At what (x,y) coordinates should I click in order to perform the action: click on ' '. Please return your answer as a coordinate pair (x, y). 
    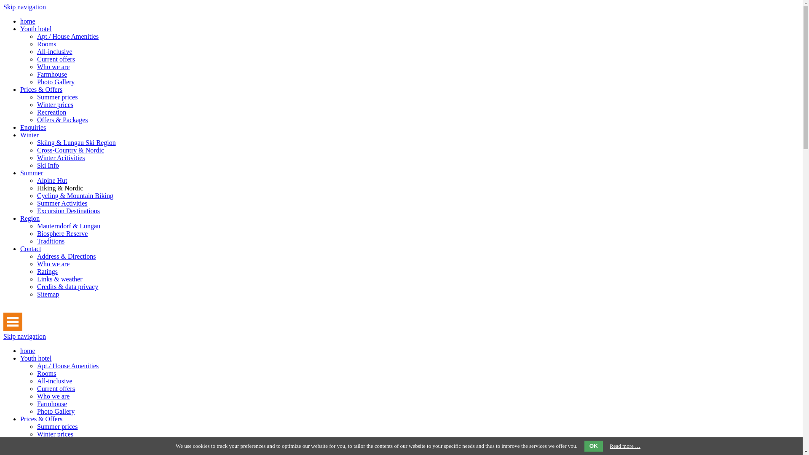
    Looking at the image, I should click on (4, 308).